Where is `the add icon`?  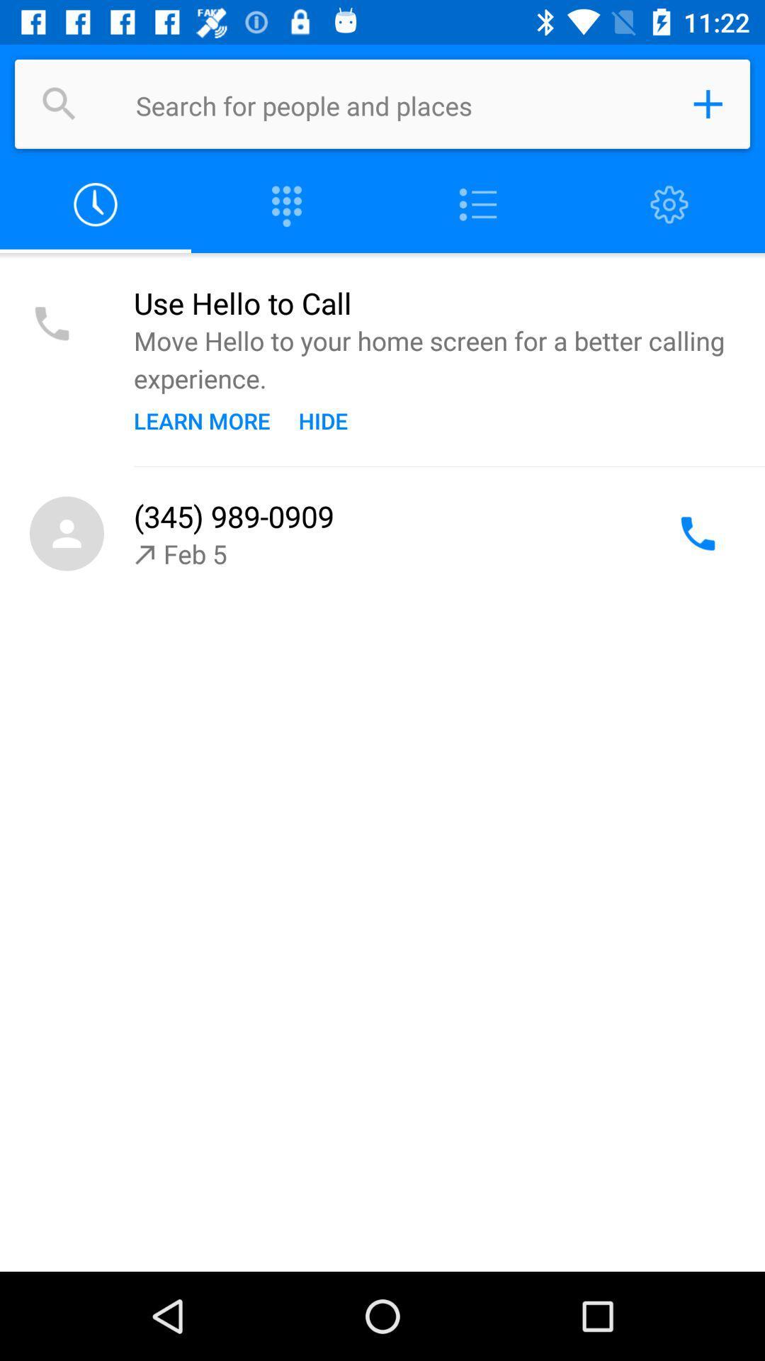 the add icon is located at coordinates (708, 103).